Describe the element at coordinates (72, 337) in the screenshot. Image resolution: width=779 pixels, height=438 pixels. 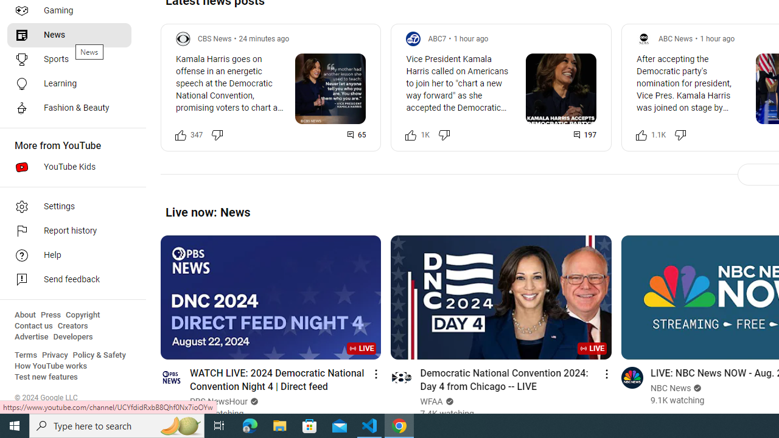
I see `'Developers'` at that location.